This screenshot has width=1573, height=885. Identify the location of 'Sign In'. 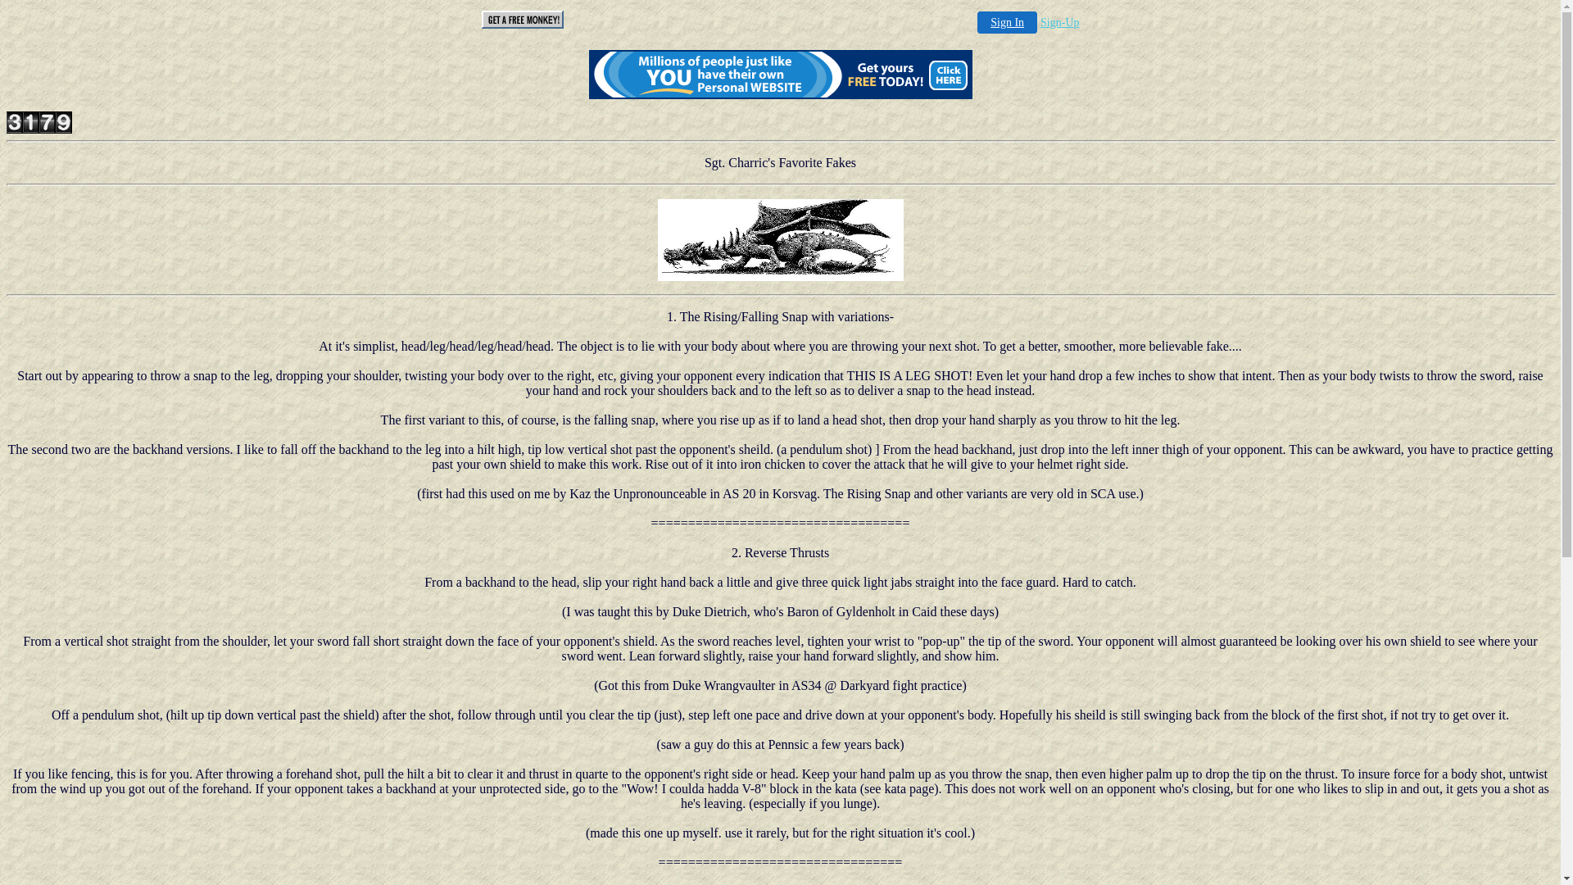
(1006, 22).